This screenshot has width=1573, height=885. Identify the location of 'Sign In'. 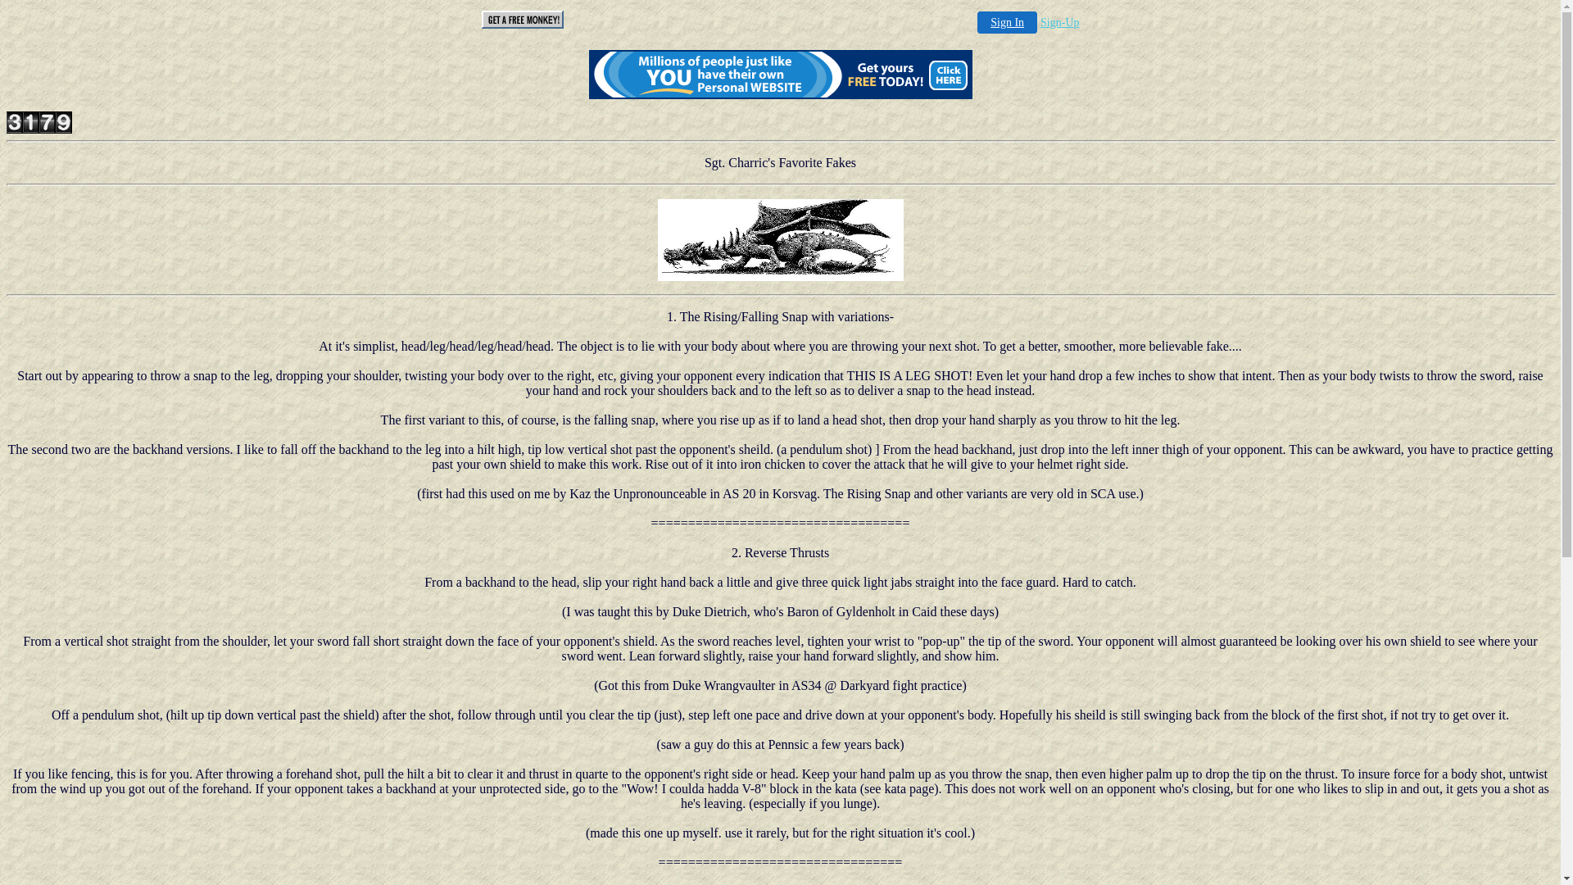
(1006, 22).